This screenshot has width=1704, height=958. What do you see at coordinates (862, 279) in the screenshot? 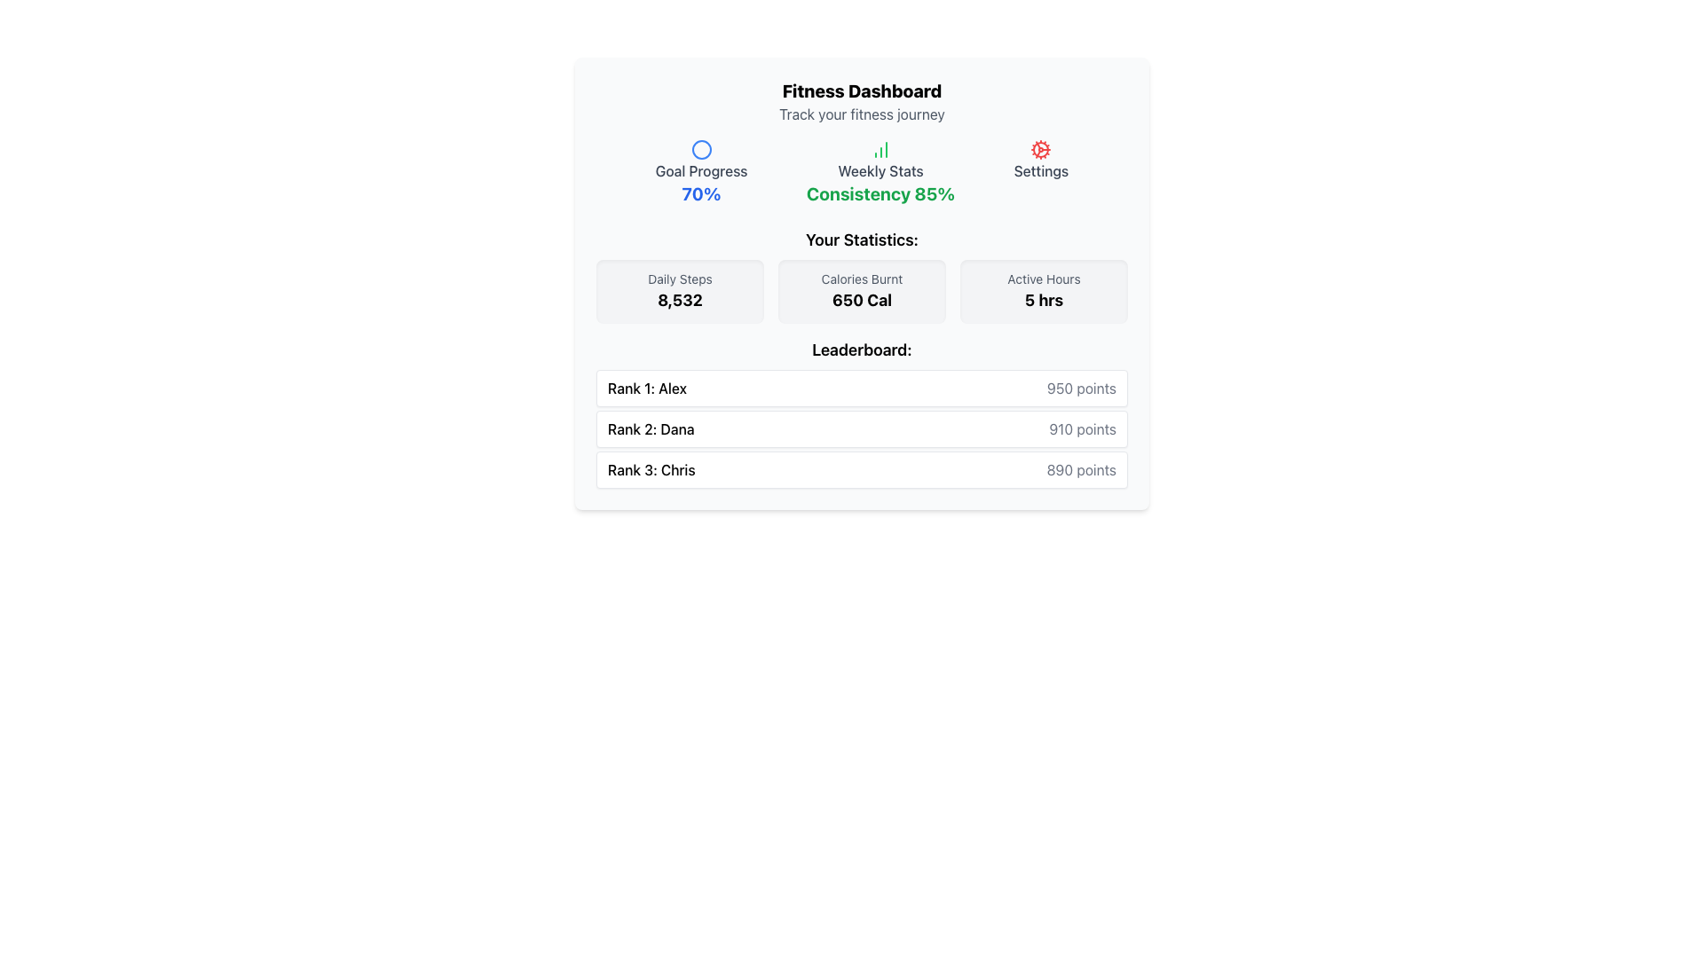
I see `the Static Text Label displaying 'Calories Burnt', which is positioned above the bold text '650 Cal' within its light-gray card` at bounding box center [862, 279].